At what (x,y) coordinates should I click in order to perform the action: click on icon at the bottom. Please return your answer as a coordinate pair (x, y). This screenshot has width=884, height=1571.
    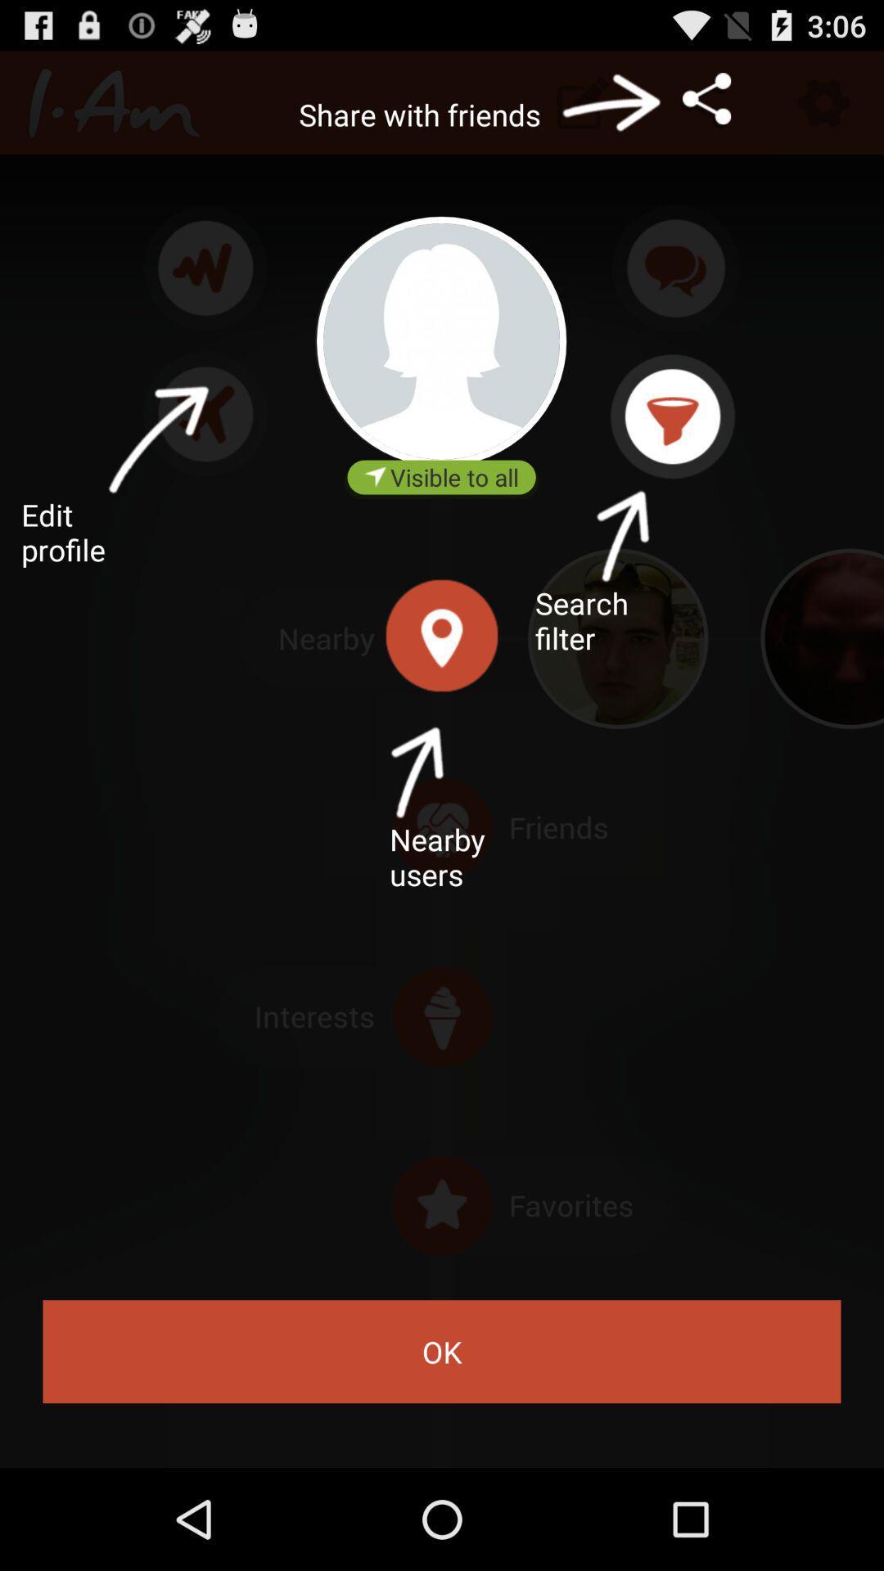
    Looking at the image, I should click on (442, 1352).